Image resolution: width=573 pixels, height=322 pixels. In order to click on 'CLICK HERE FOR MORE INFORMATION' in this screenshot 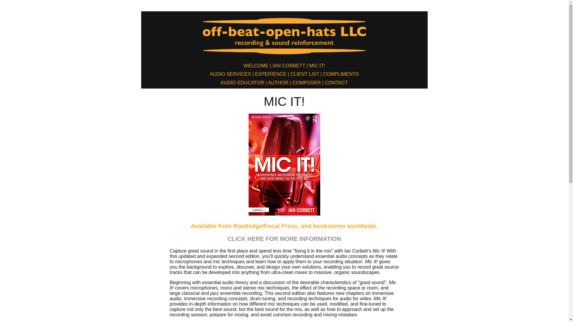, I will do `click(284, 239)`.